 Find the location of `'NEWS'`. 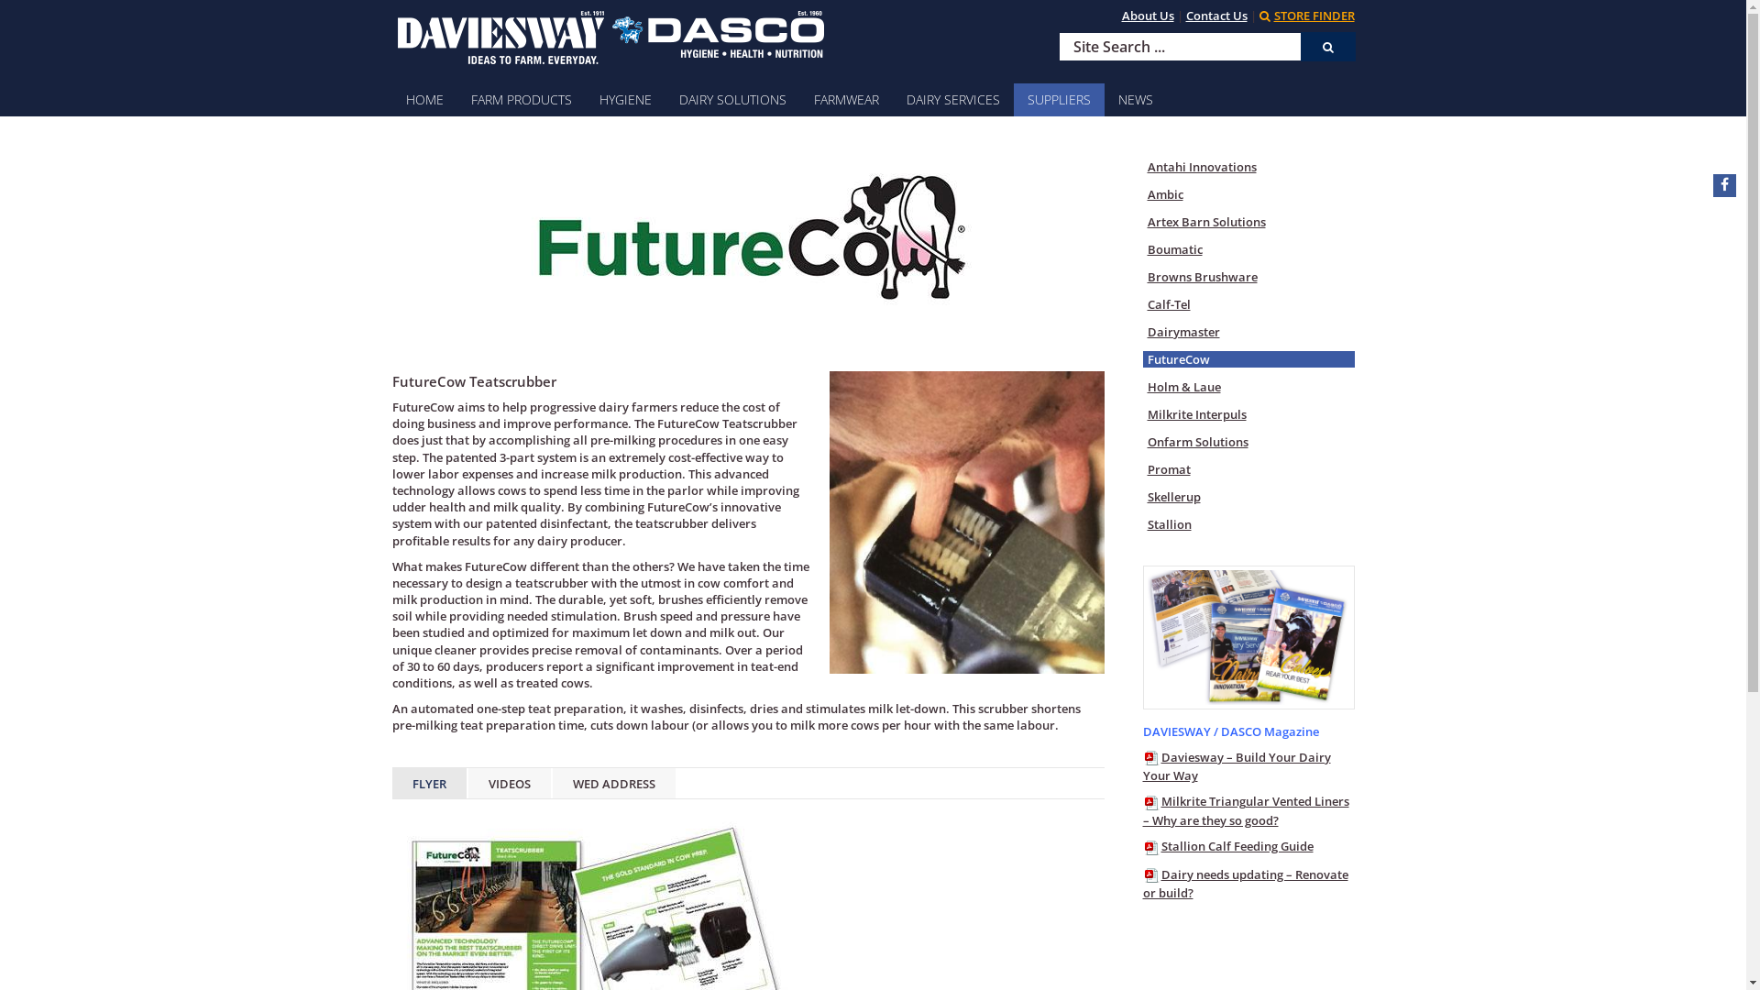

'NEWS' is located at coordinates (1134, 99).